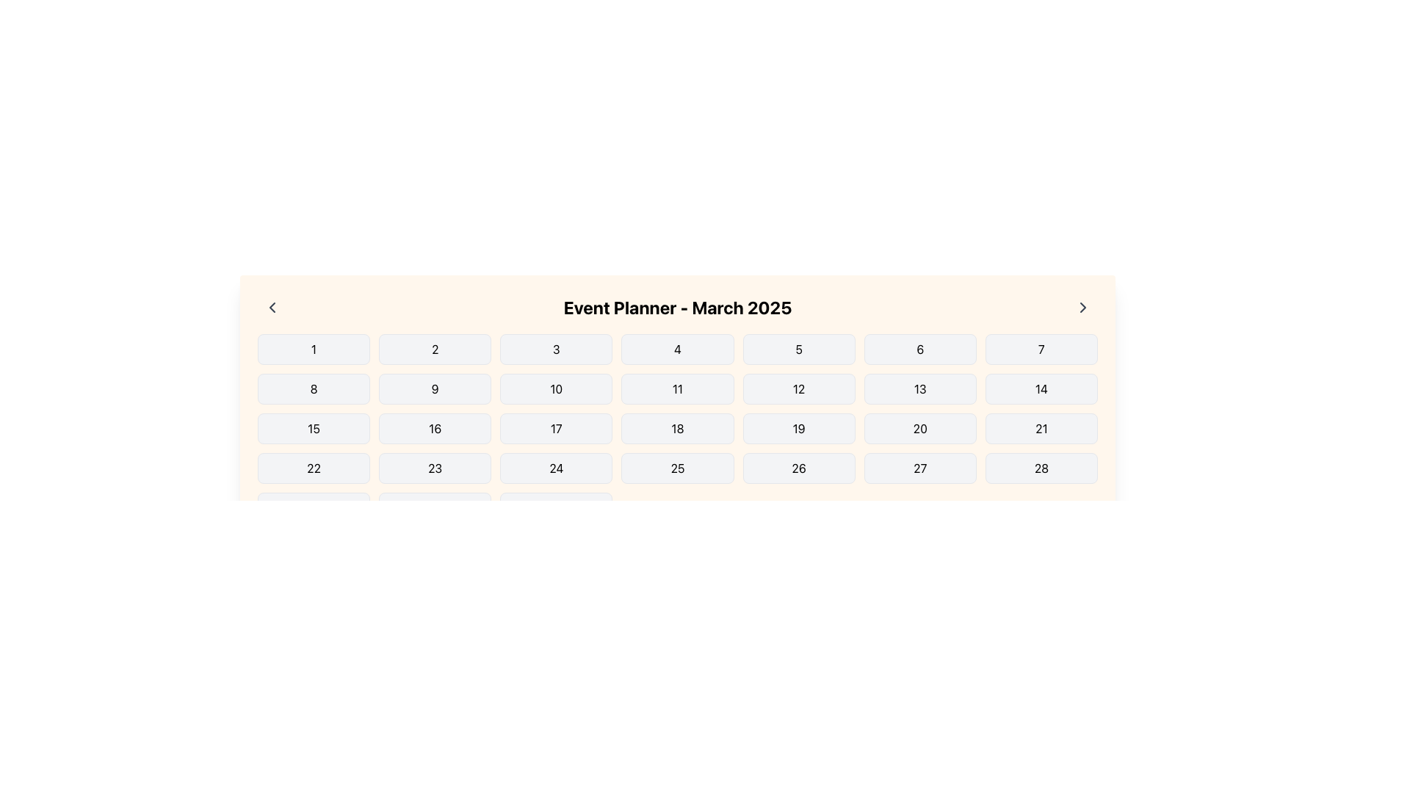 The height and width of the screenshot is (793, 1410). What do you see at coordinates (434, 388) in the screenshot?
I see `the Button-like calendar cell located in the second row and second column of the calendar grid for keyboard navigation` at bounding box center [434, 388].